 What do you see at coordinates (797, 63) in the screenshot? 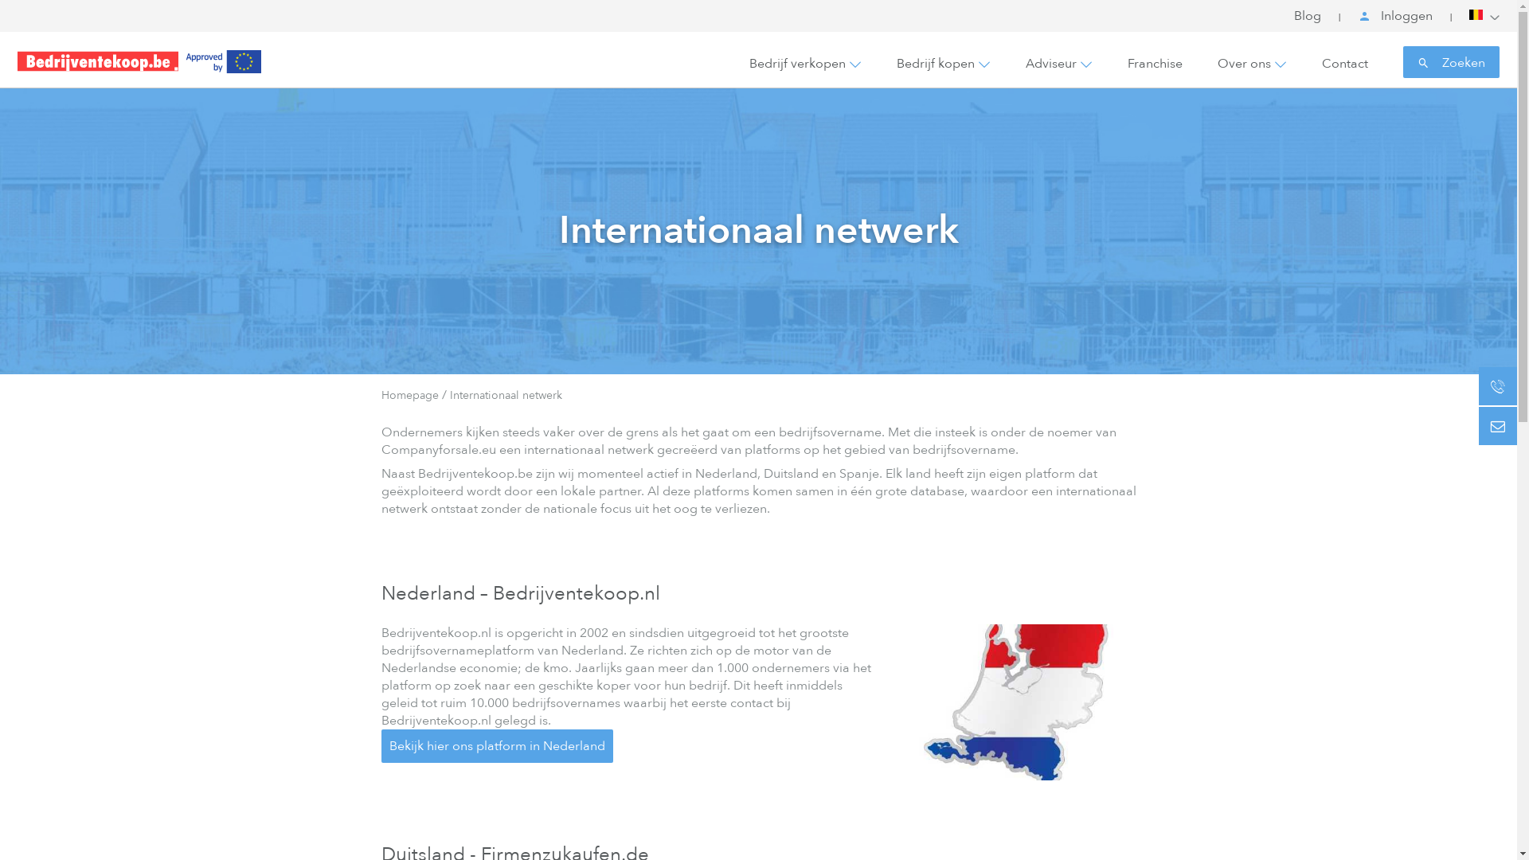
I see `'Bedrijf verkopen'` at bounding box center [797, 63].